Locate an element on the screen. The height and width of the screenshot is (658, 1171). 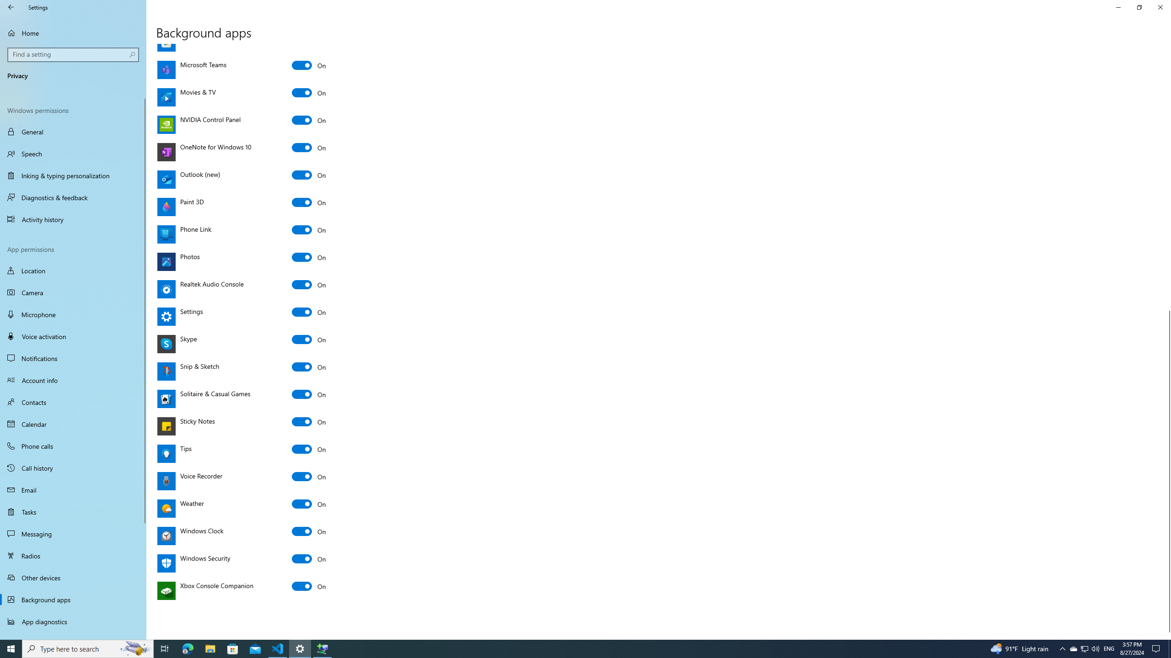
'Search box, Find a setting' is located at coordinates (73, 54).